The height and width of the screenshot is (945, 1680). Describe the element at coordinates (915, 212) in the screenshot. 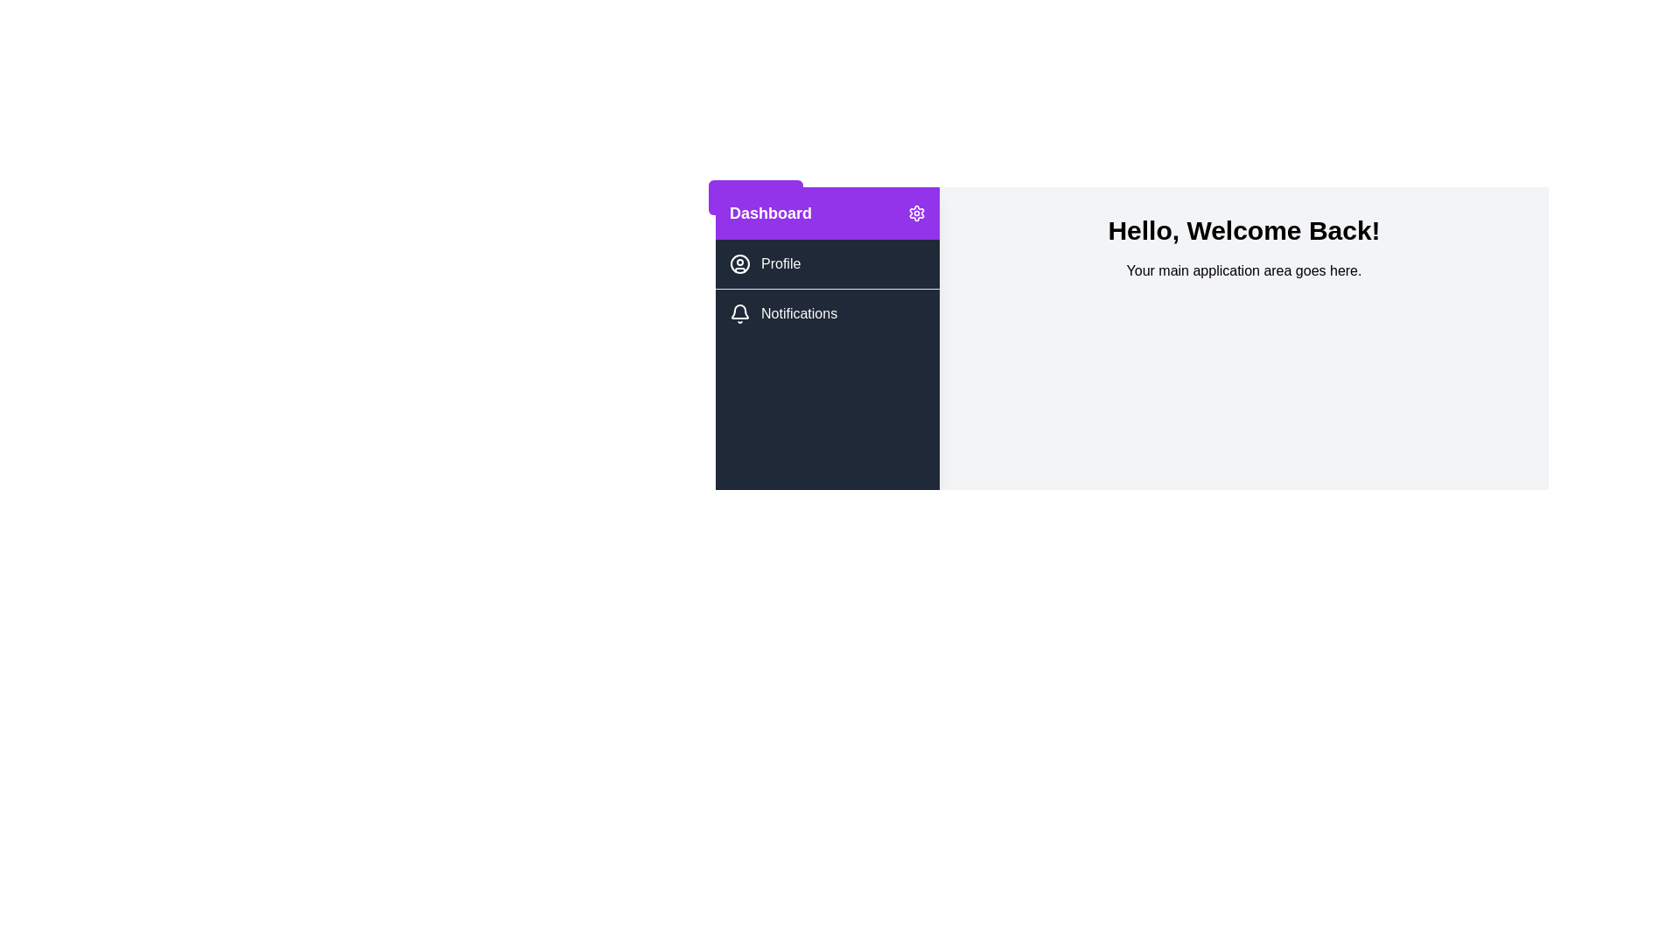

I see `the purple gear icon located in the top-right corner of the 'Dashboard' navigation bar` at that location.